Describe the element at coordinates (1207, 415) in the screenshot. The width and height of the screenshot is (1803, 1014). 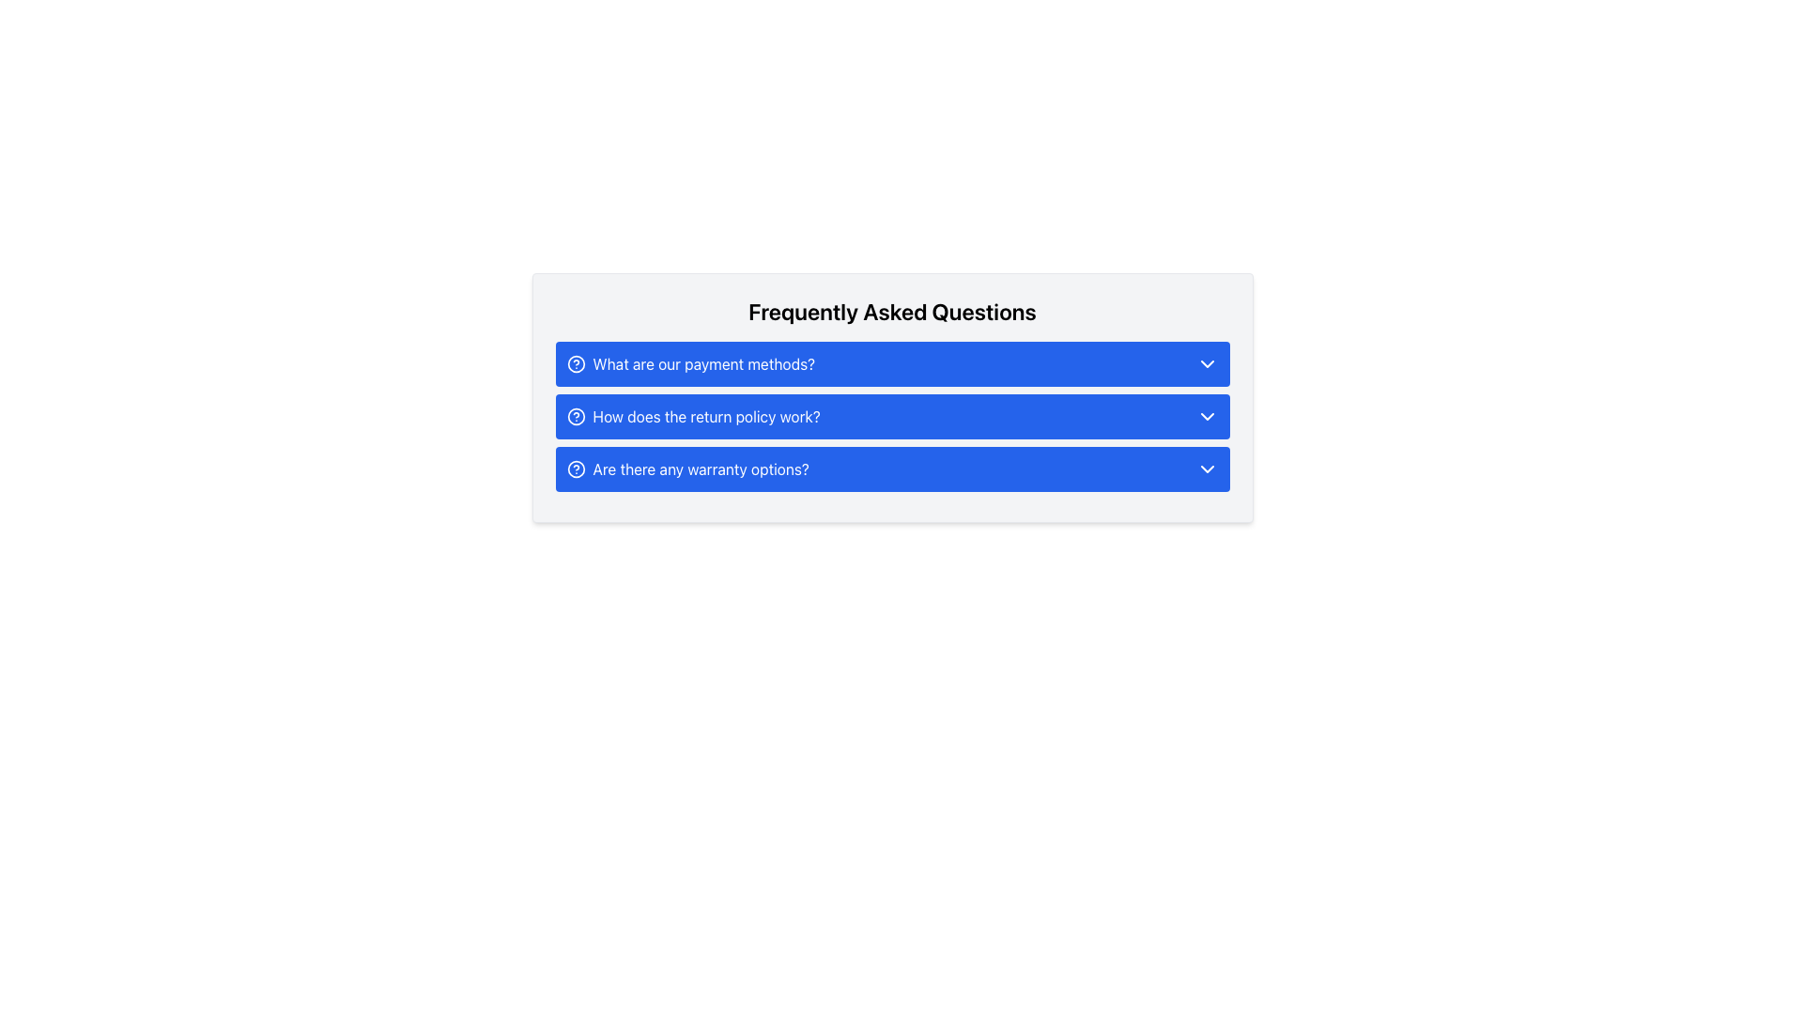
I see `the Dropdown Toggle Icon located to the far right of the FAQ option 'How does the return policy work?'` at that location.